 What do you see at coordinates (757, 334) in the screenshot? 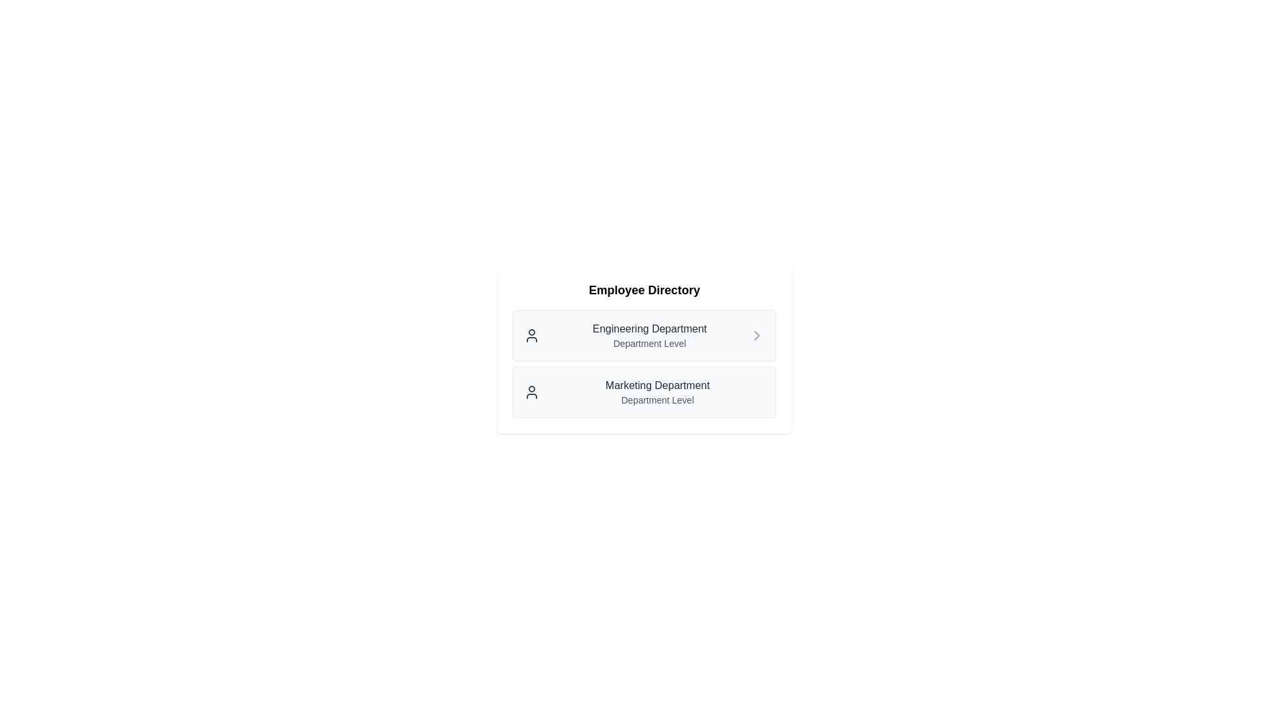
I see `the chevron icon indicating further navigational options related to the 'Engineering Department' entry, positioned to the far-right of the text` at bounding box center [757, 334].